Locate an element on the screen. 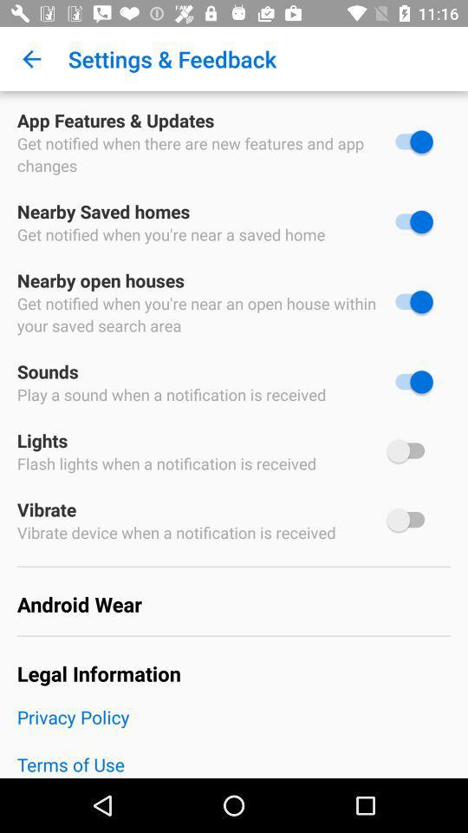 The height and width of the screenshot is (833, 468). the item below legal information item is located at coordinates (234, 728).